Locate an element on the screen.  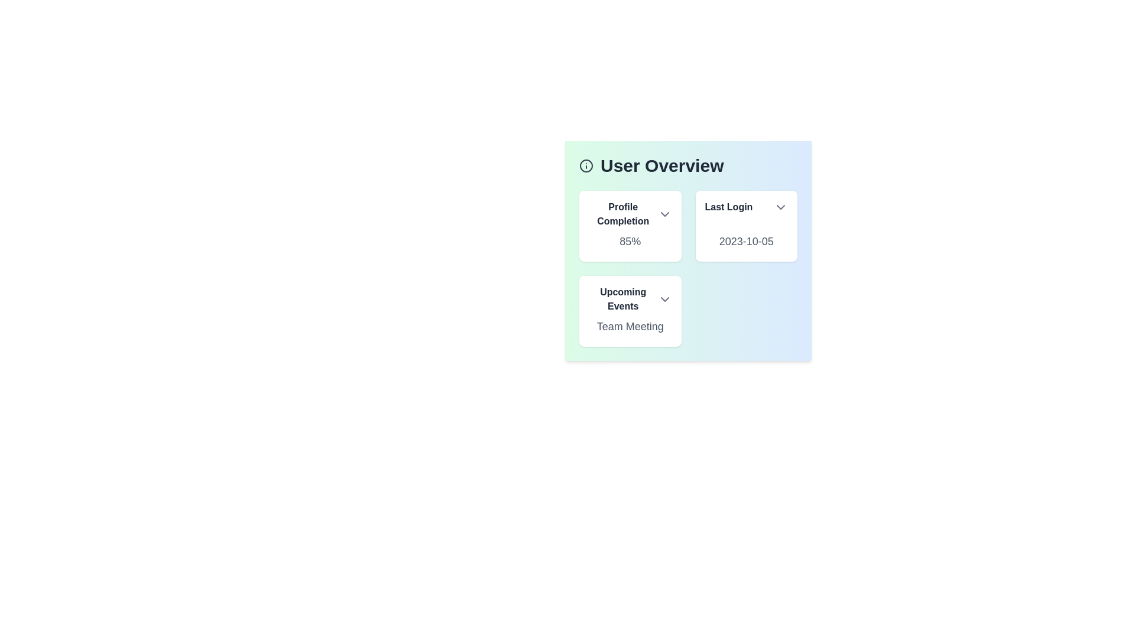
the user profile completion label located at the top-left corner of a white, rounded, shadowed card that indicates section title is located at coordinates (630, 214).